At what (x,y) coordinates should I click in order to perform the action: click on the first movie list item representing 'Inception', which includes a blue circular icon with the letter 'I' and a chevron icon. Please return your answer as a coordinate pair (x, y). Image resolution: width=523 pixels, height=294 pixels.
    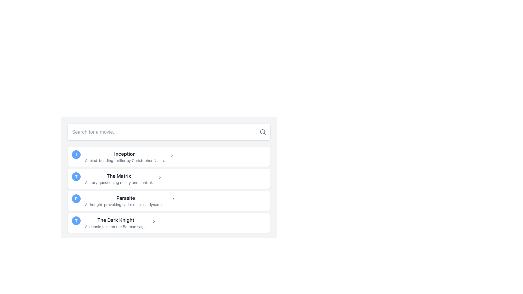
    Looking at the image, I should click on (169, 157).